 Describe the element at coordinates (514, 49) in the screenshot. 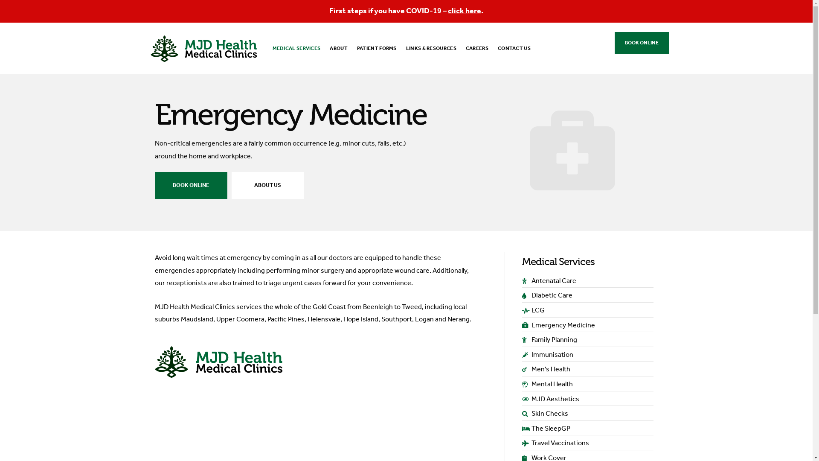

I see `'CONTACT US'` at that location.